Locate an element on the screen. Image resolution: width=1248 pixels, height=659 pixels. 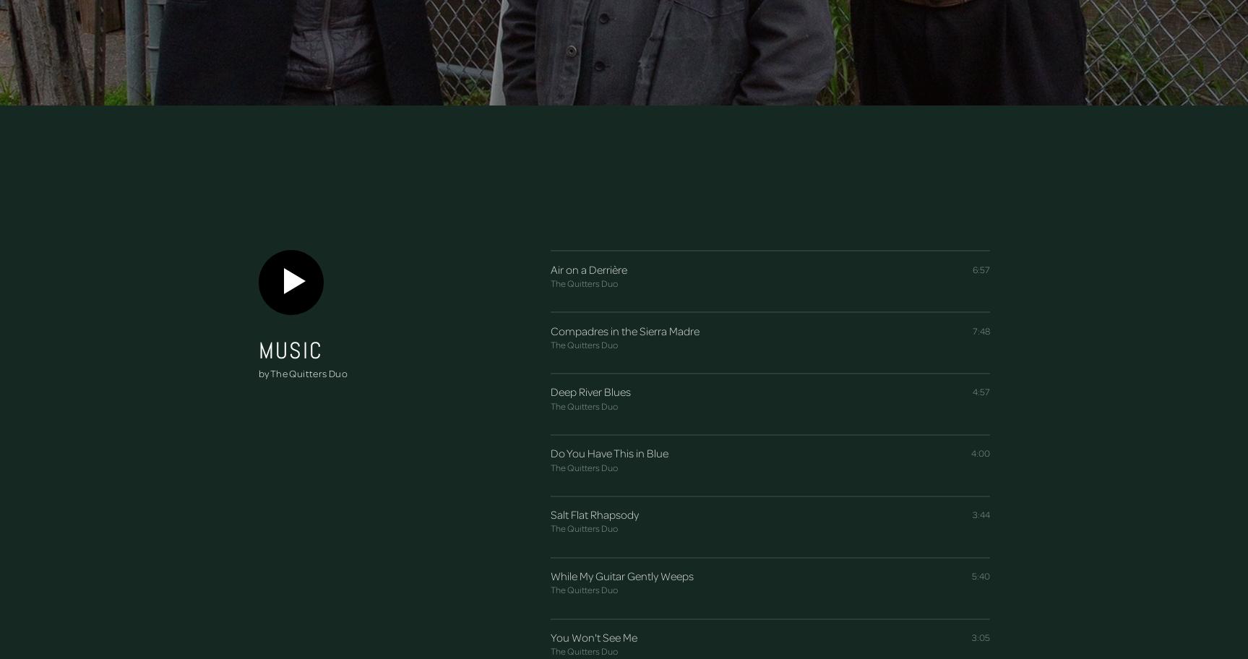
'Deep River Blues' is located at coordinates (590, 392).